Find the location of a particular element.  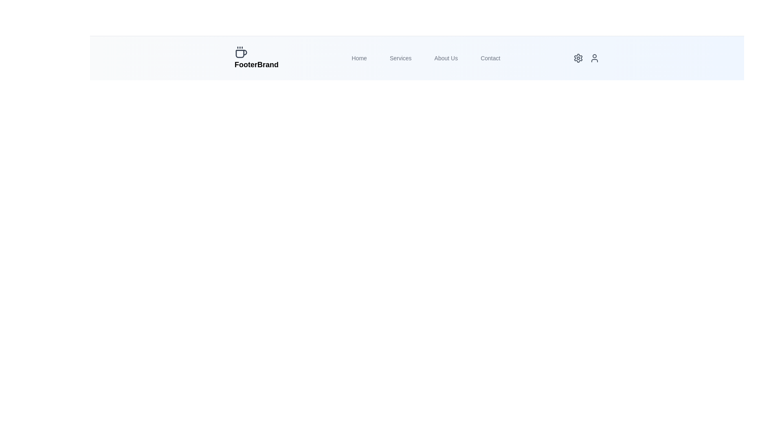

the coffee cup icon with steam, which is located above the 'FooterBrand' text and to the left of the navigation menu in the header section is located at coordinates (240, 52).